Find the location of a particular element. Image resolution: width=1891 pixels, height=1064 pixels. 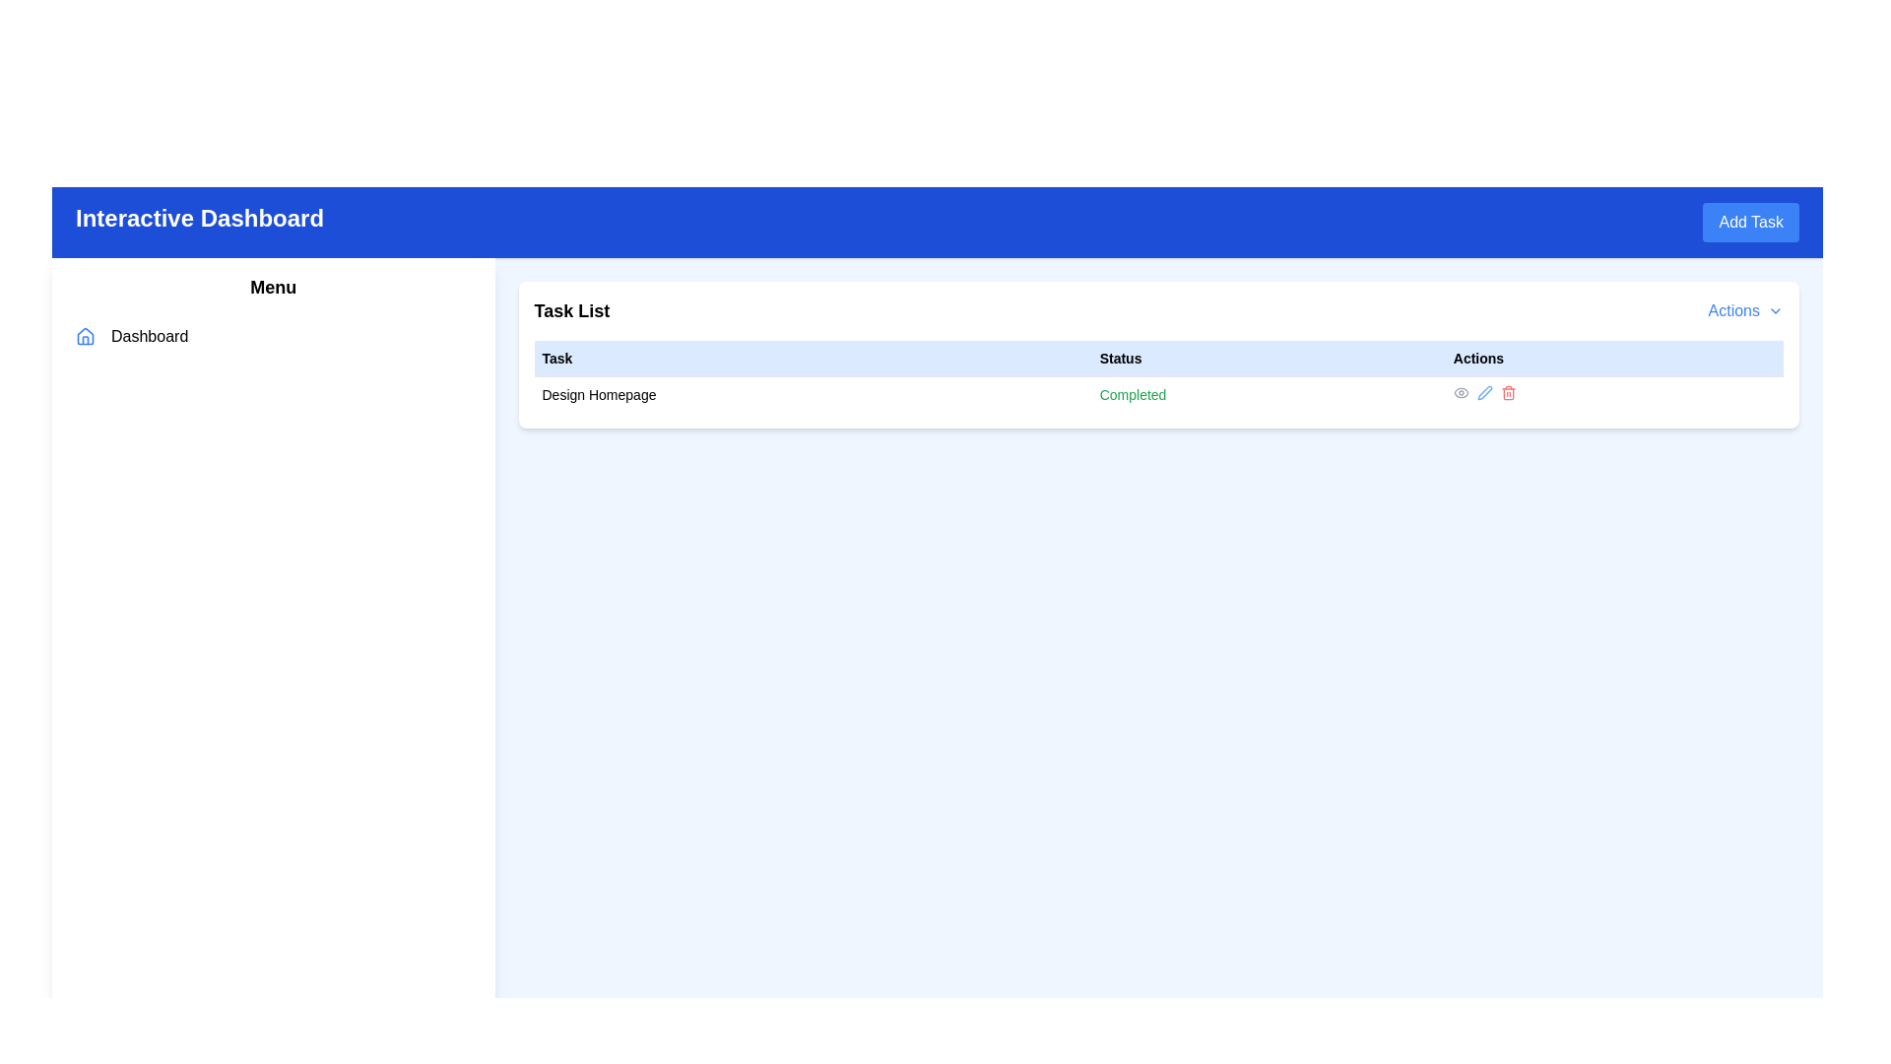

the Static Text that serves as the title for the sidebar menu, which is positioned above the options like 'Dashboard' is located at coordinates (272, 288).